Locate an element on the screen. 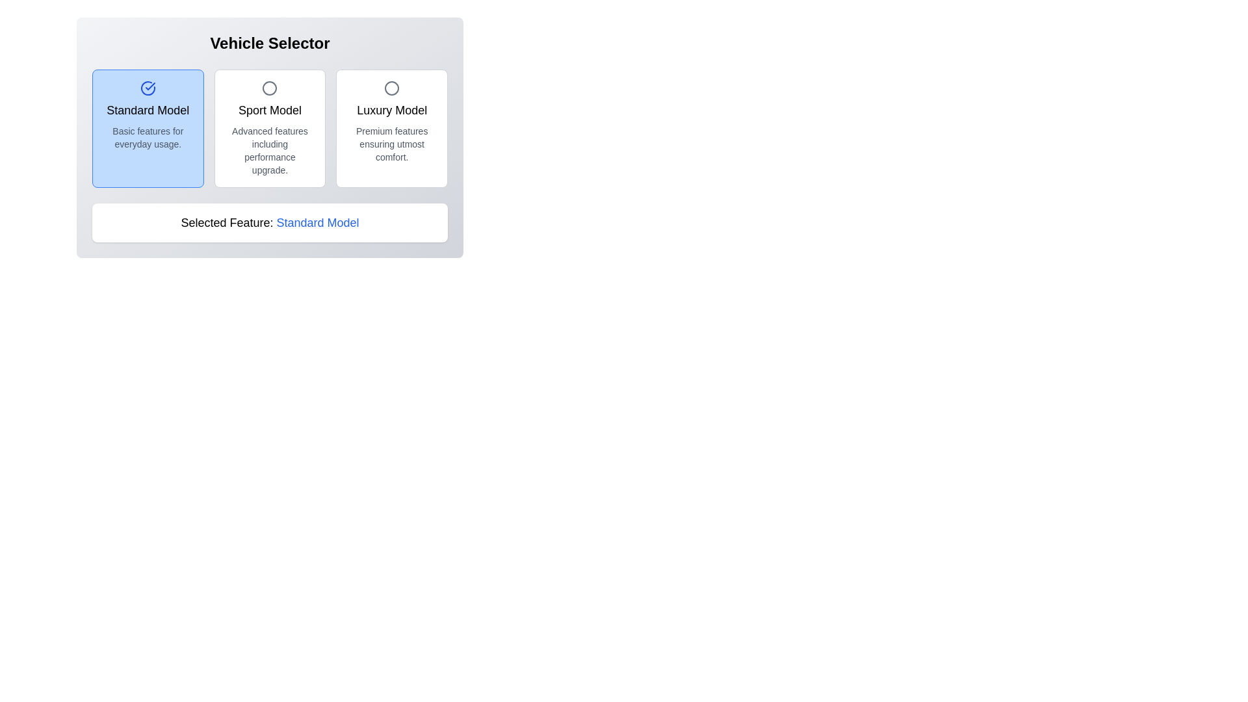 This screenshot has width=1248, height=702. the Interactive card labeled 'Luxury Model' in the vehicle selection interface is located at coordinates (391, 128).